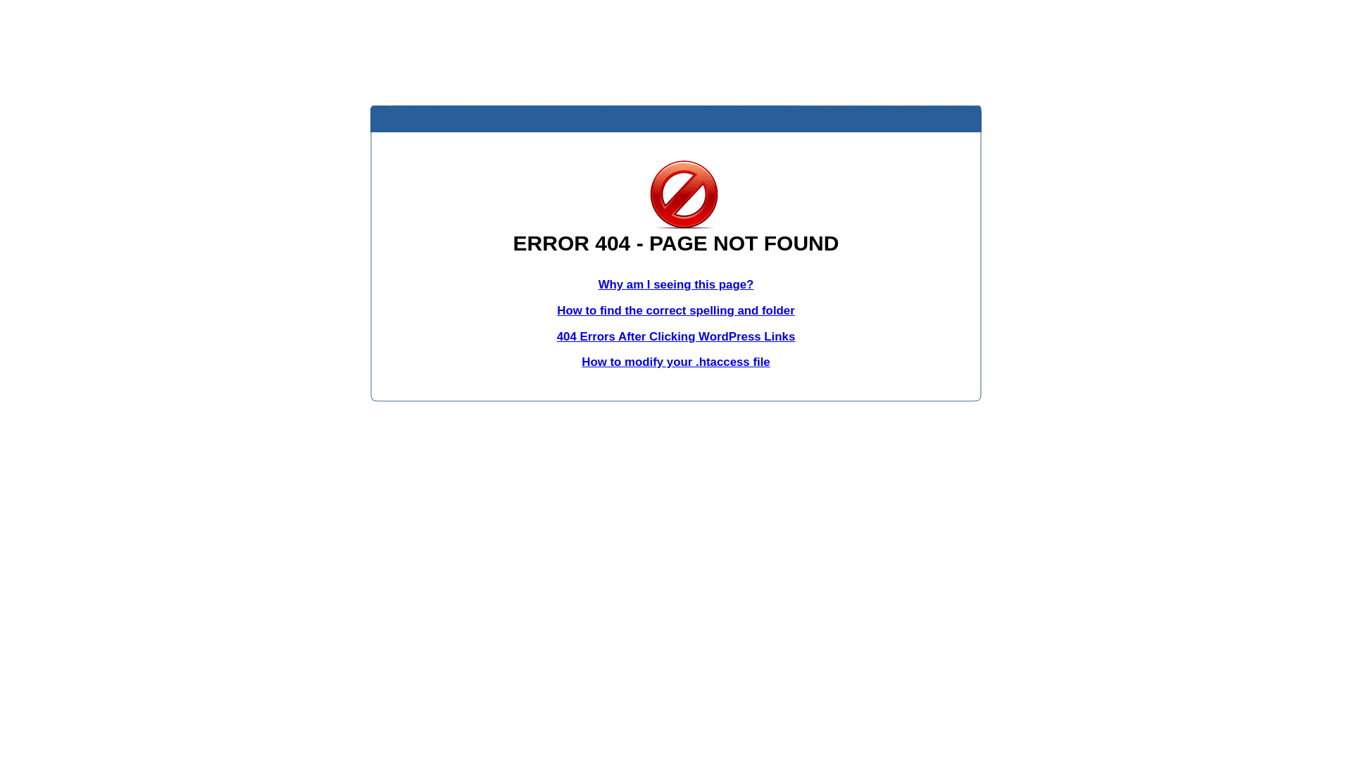  What do you see at coordinates (598, 284) in the screenshot?
I see `'Why am I seeing this page?'` at bounding box center [598, 284].